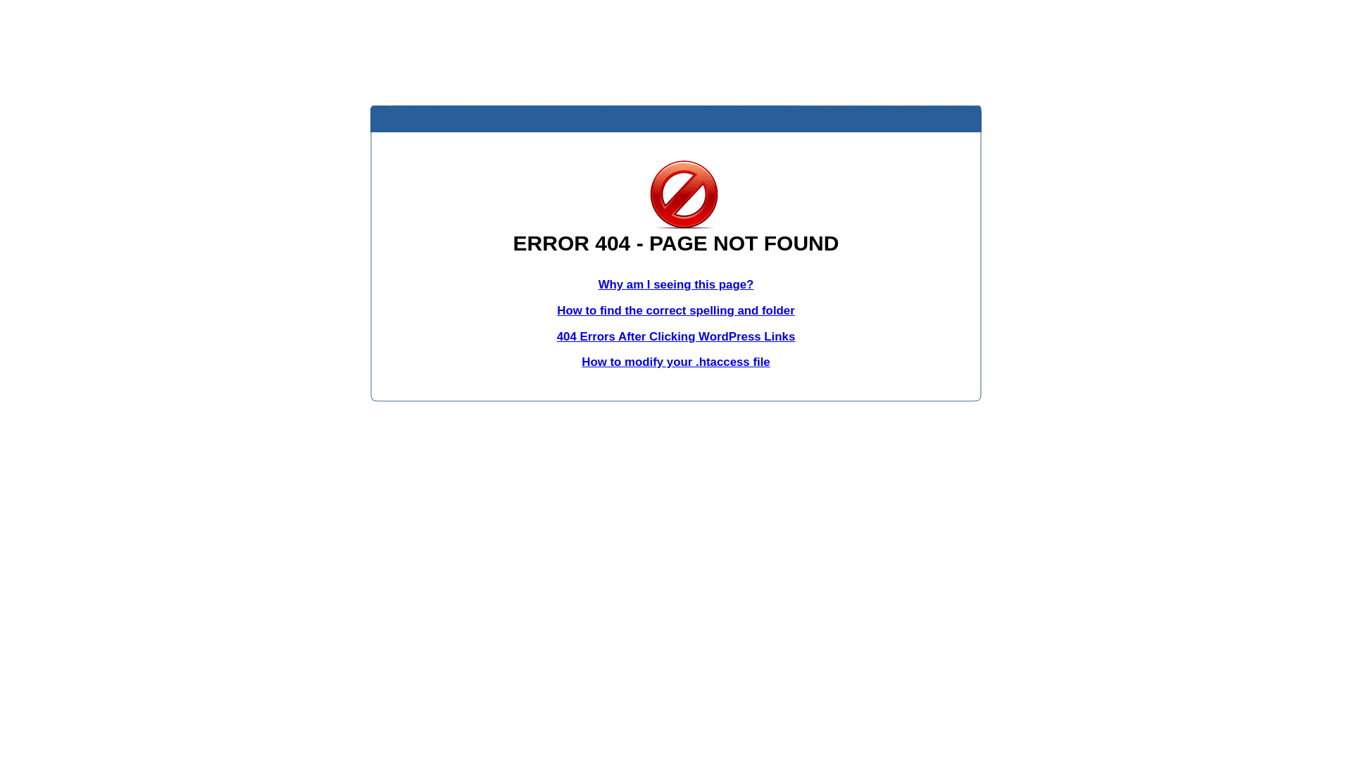  What do you see at coordinates (598, 284) in the screenshot?
I see `'Why am I seeing this page?'` at bounding box center [598, 284].